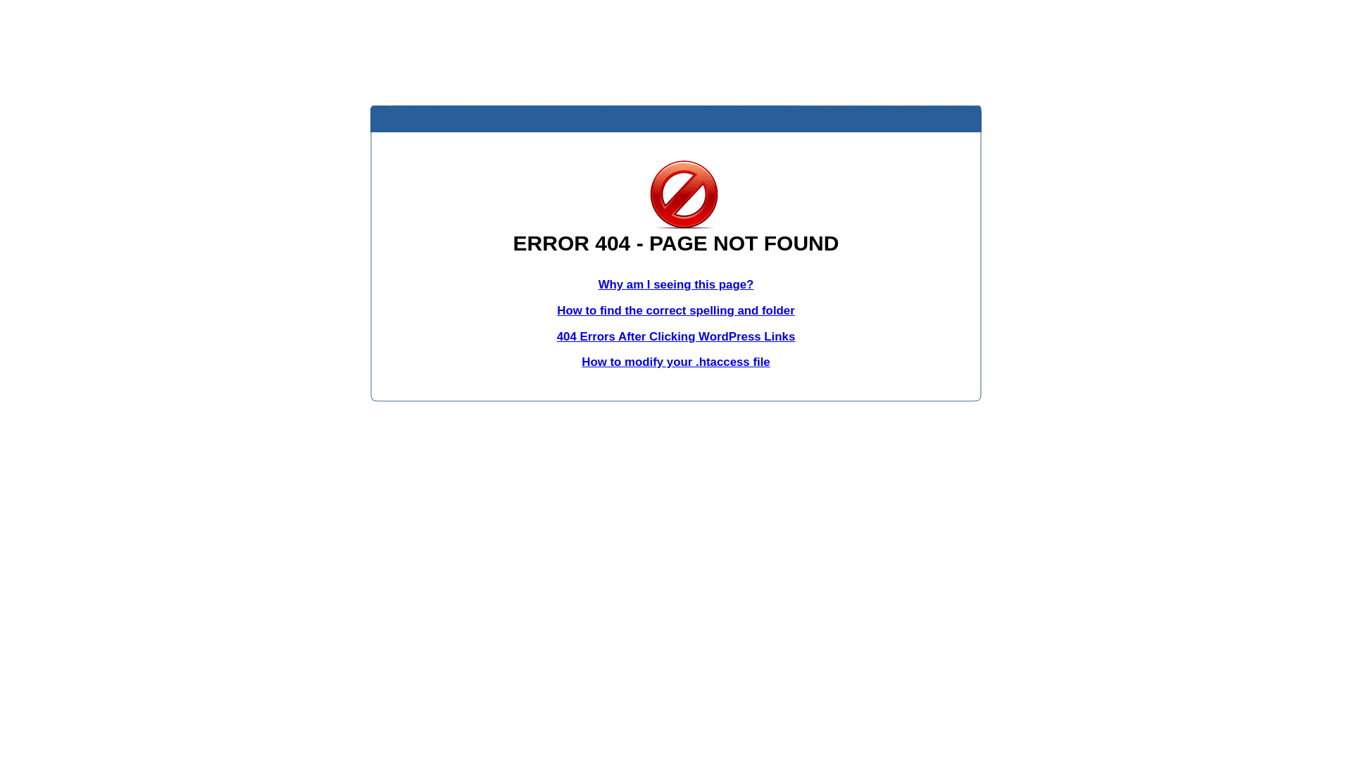  What do you see at coordinates (598, 284) in the screenshot?
I see `'Why am I seeing this page?'` at bounding box center [598, 284].